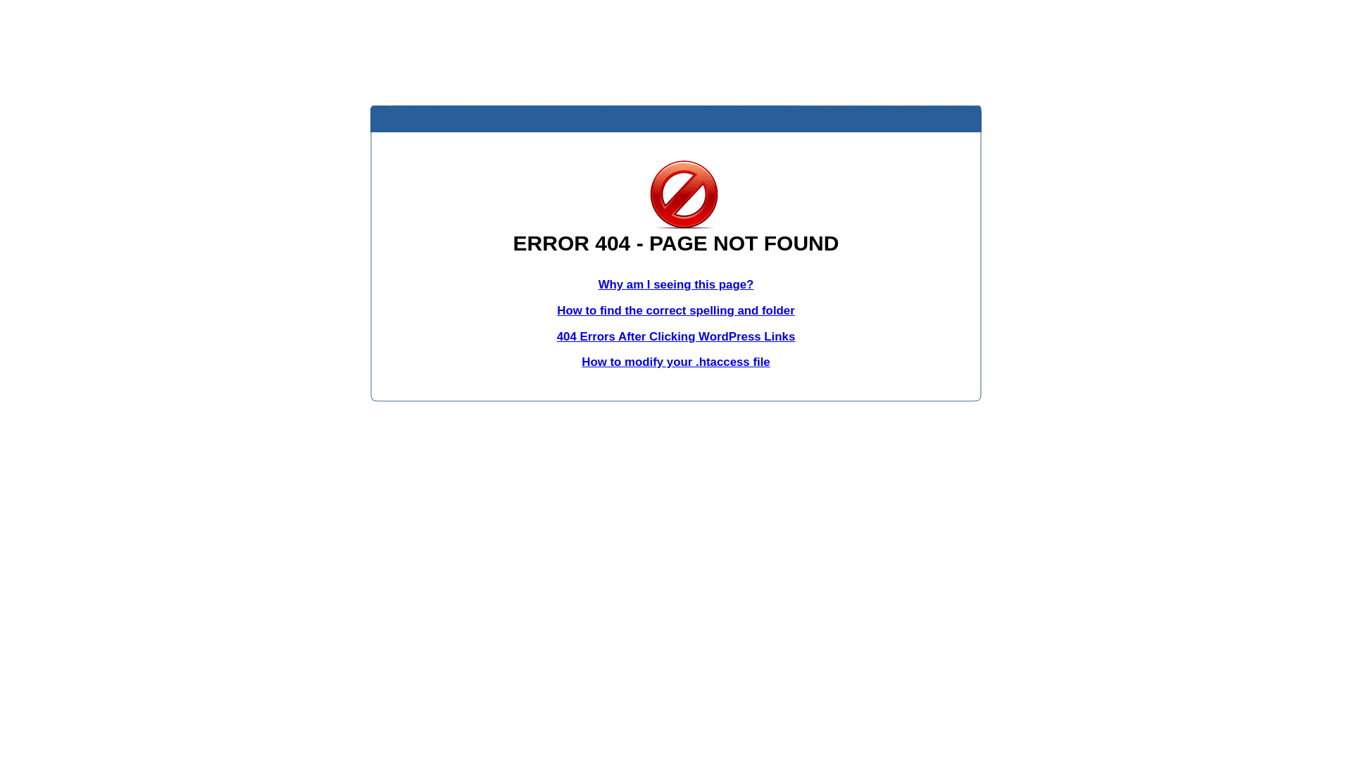  What do you see at coordinates (598, 284) in the screenshot?
I see `'Why am I seeing this page?'` at bounding box center [598, 284].